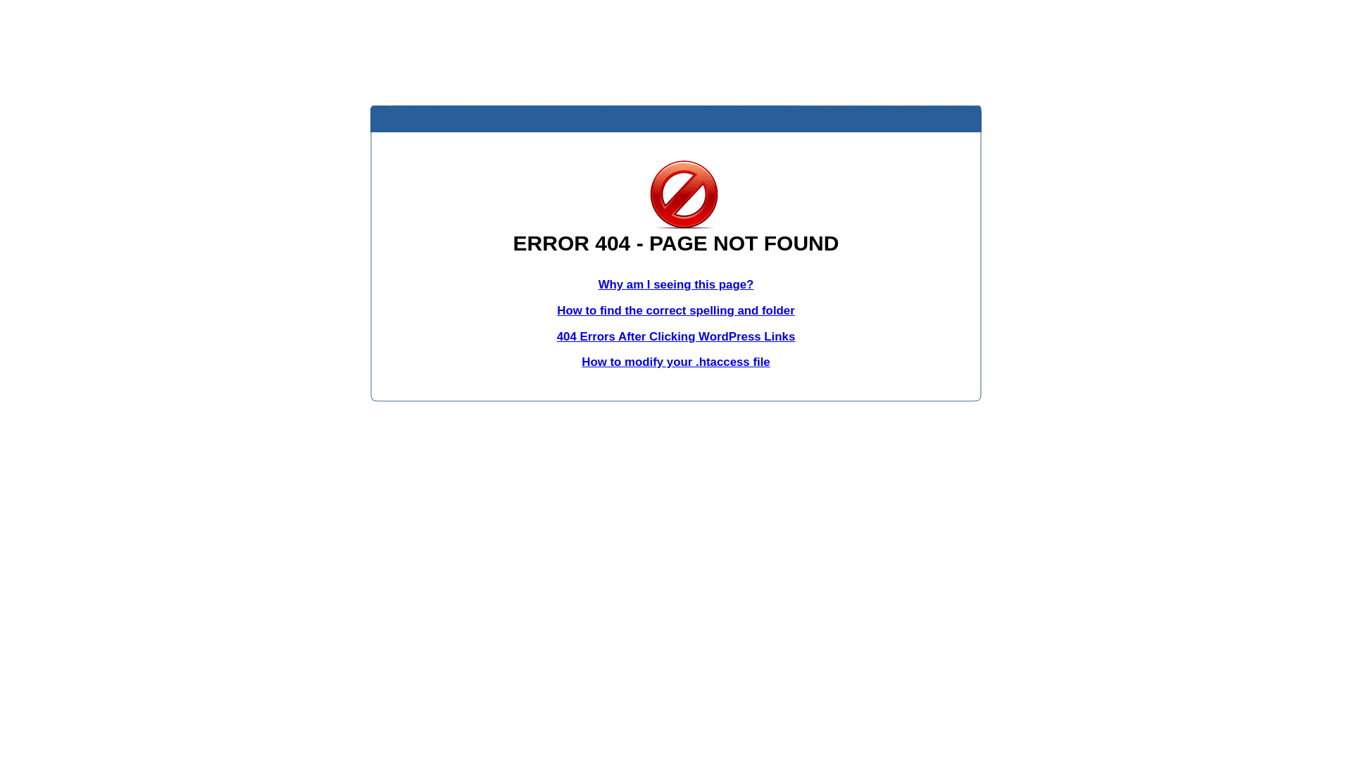  What do you see at coordinates (598, 284) in the screenshot?
I see `'Why am I seeing this page?'` at bounding box center [598, 284].